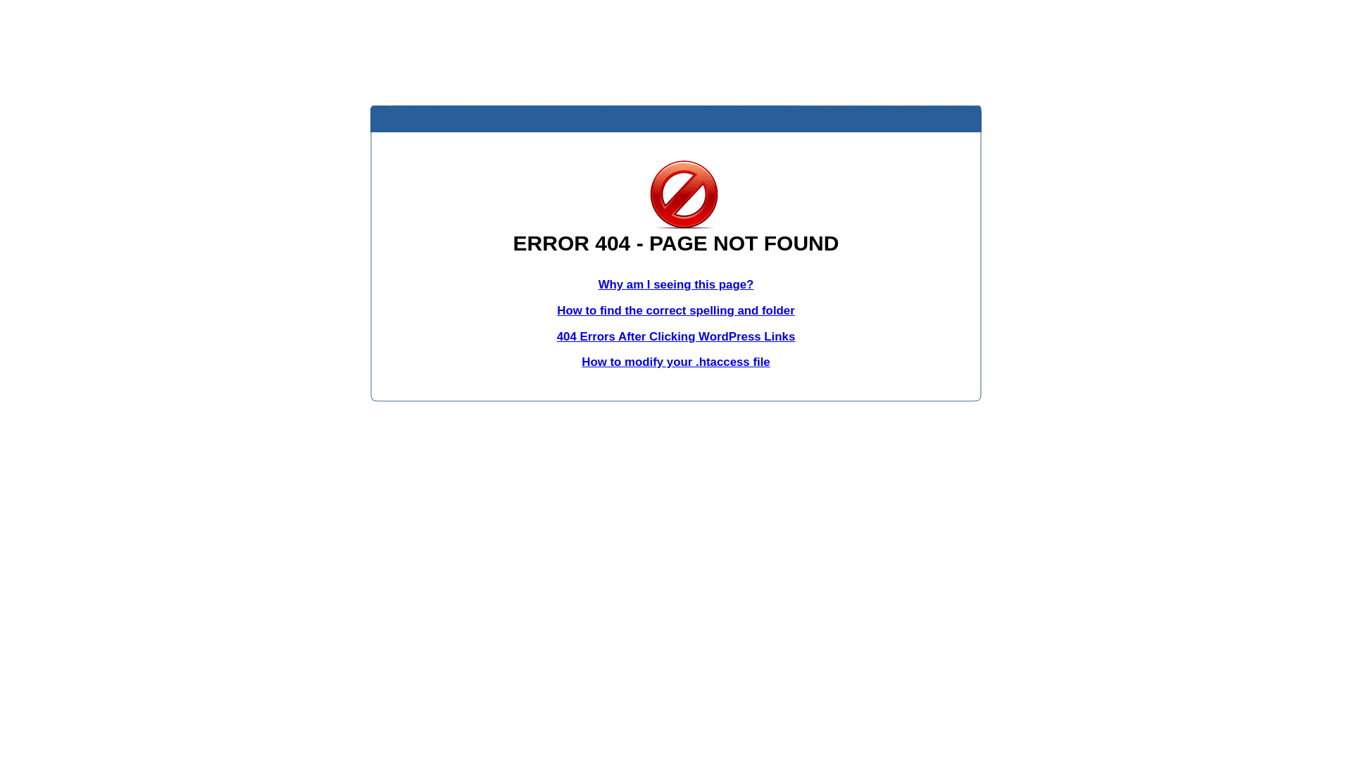  What do you see at coordinates (598, 284) in the screenshot?
I see `'Why am I seeing this page?'` at bounding box center [598, 284].